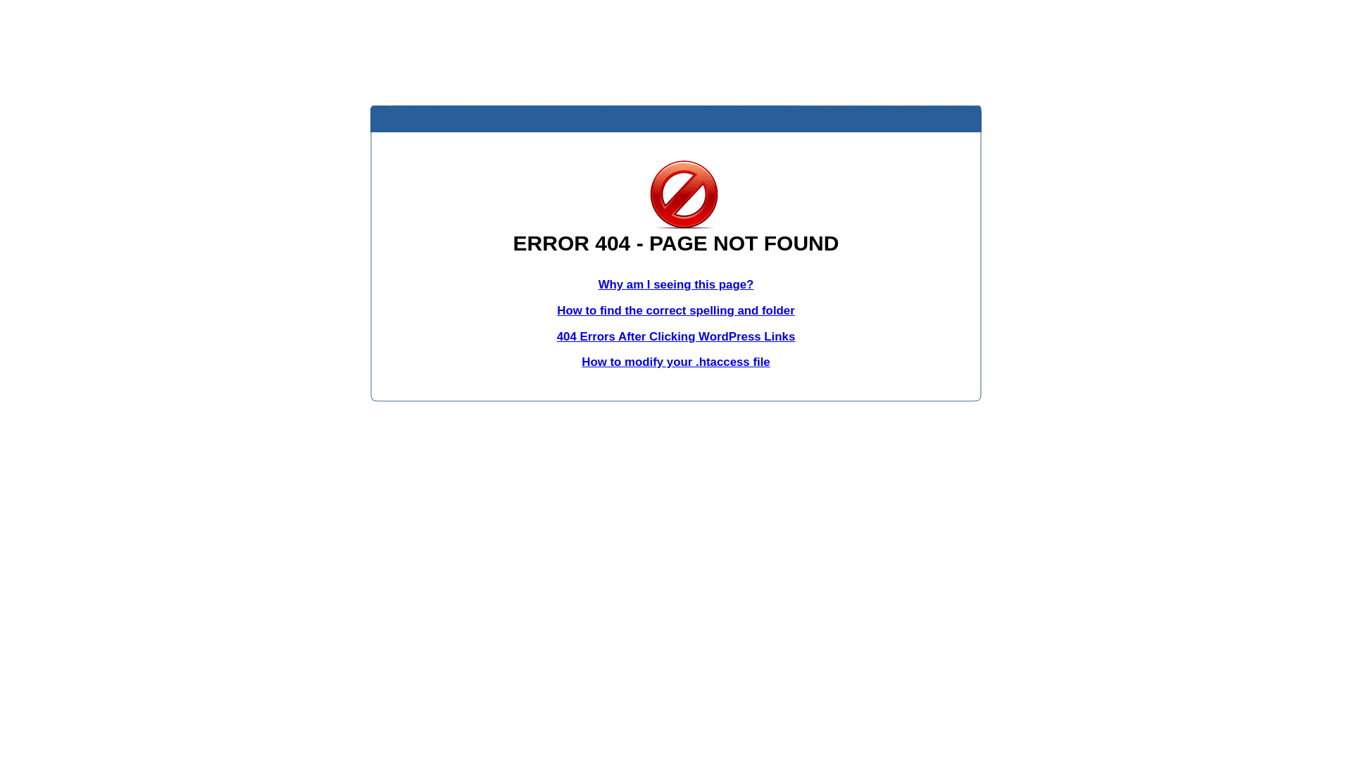  What do you see at coordinates (598, 284) in the screenshot?
I see `'Why am I seeing this page?'` at bounding box center [598, 284].